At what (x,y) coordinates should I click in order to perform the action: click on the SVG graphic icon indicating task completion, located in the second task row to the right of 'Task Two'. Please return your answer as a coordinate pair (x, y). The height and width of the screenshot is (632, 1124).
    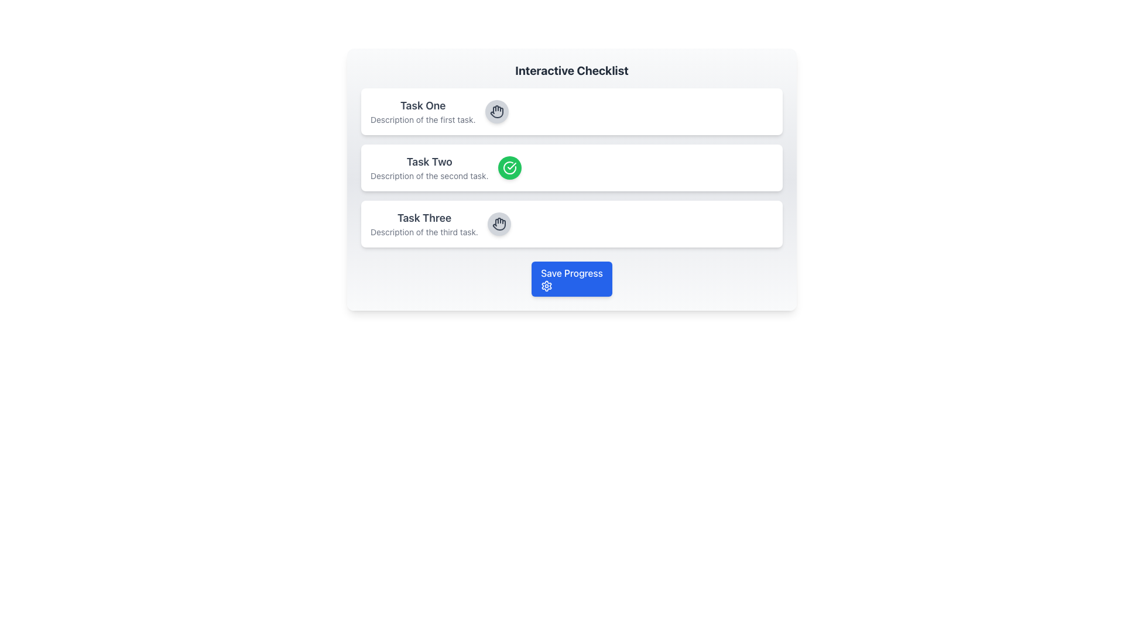
    Looking at the image, I should click on (509, 167).